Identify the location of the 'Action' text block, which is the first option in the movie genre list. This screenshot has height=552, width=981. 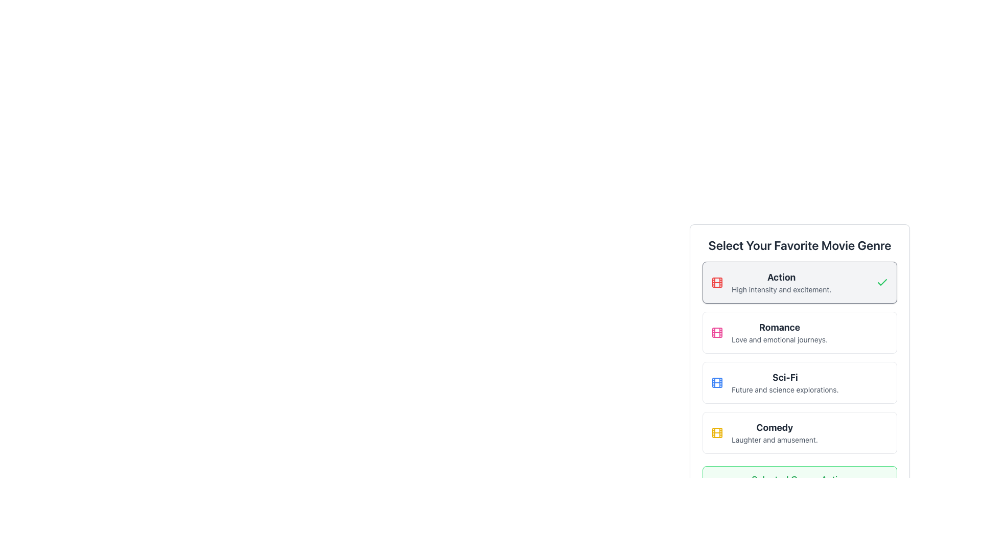
(781, 282).